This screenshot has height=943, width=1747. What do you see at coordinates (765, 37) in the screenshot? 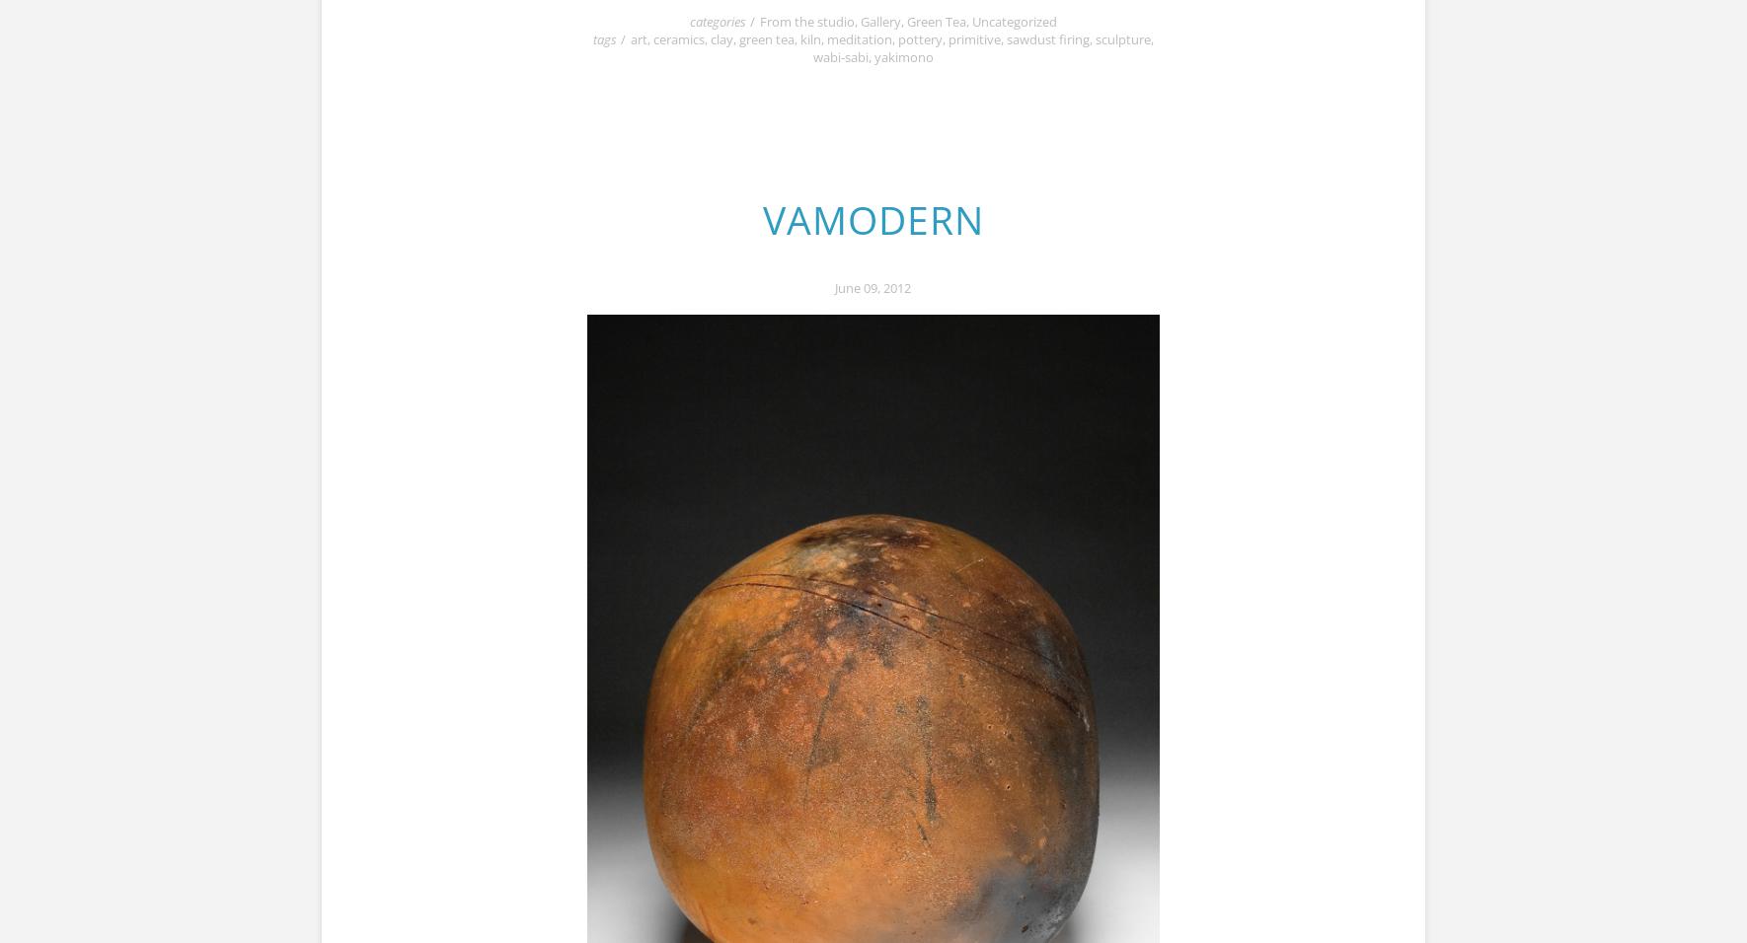
I see `'green tea'` at bounding box center [765, 37].